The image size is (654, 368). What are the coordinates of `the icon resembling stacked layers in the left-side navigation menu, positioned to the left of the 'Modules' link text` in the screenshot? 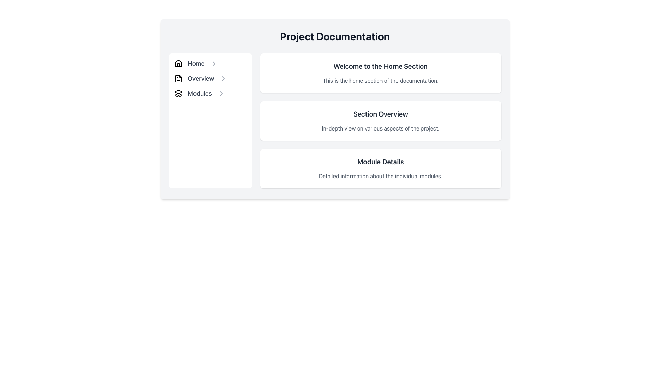 It's located at (178, 93).